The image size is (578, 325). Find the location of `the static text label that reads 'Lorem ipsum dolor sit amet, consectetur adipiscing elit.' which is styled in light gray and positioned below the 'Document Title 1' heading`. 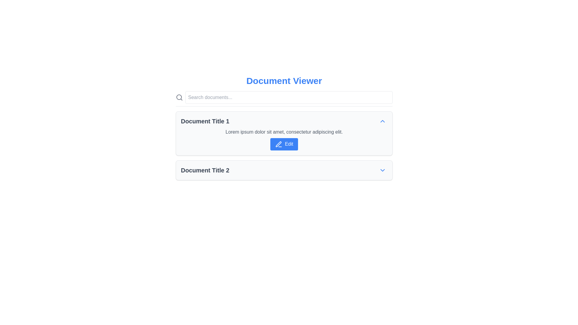

the static text label that reads 'Lorem ipsum dolor sit amet, consectetur adipiscing elit.' which is styled in light gray and positioned below the 'Document Title 1' heading is located at coordinates (284, 132).